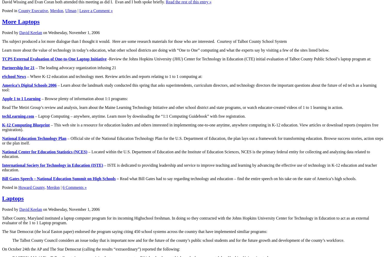  I want to click on 'More Laptops', so click(20, 21).